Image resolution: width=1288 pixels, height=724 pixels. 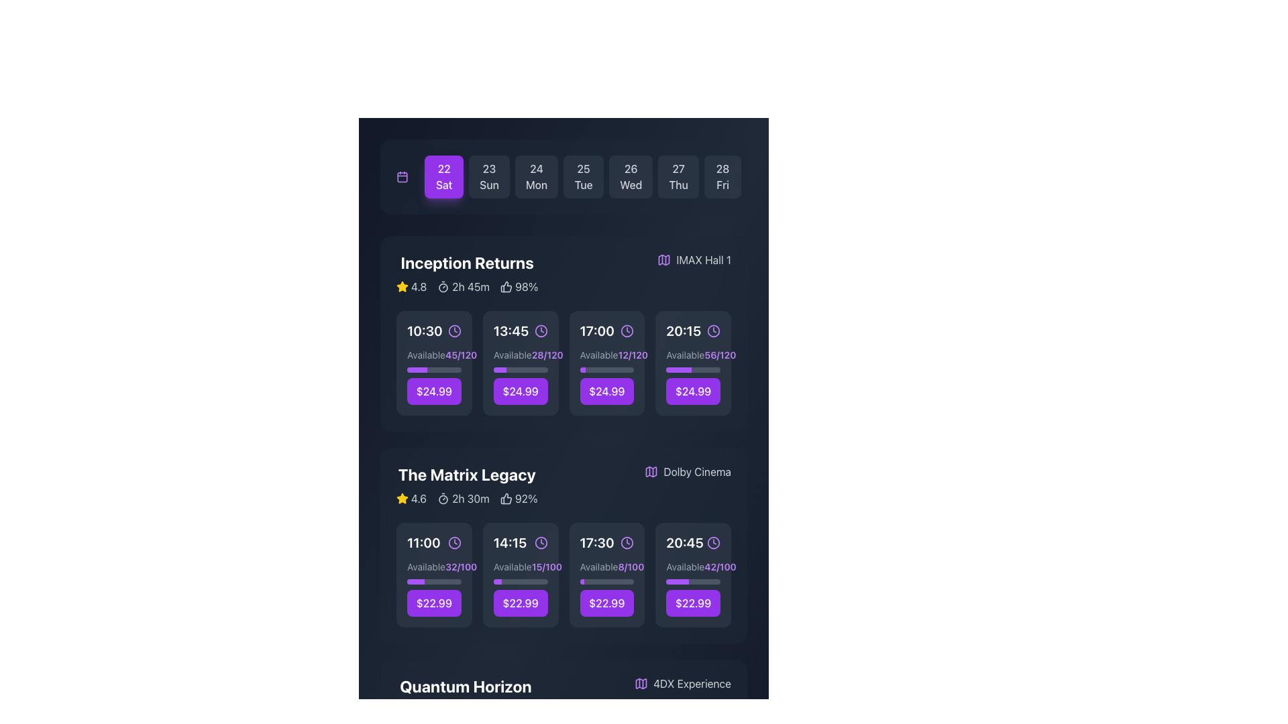 What do you see at coordinates (434, 354) in the screenshot?
I see `the text label displaying 'Available 45/120' which is located in the 'Inception Returns' section, below the time '10:30' and above a progress bar and a button displaying '$24.99'` at bounding box center [434, 354].